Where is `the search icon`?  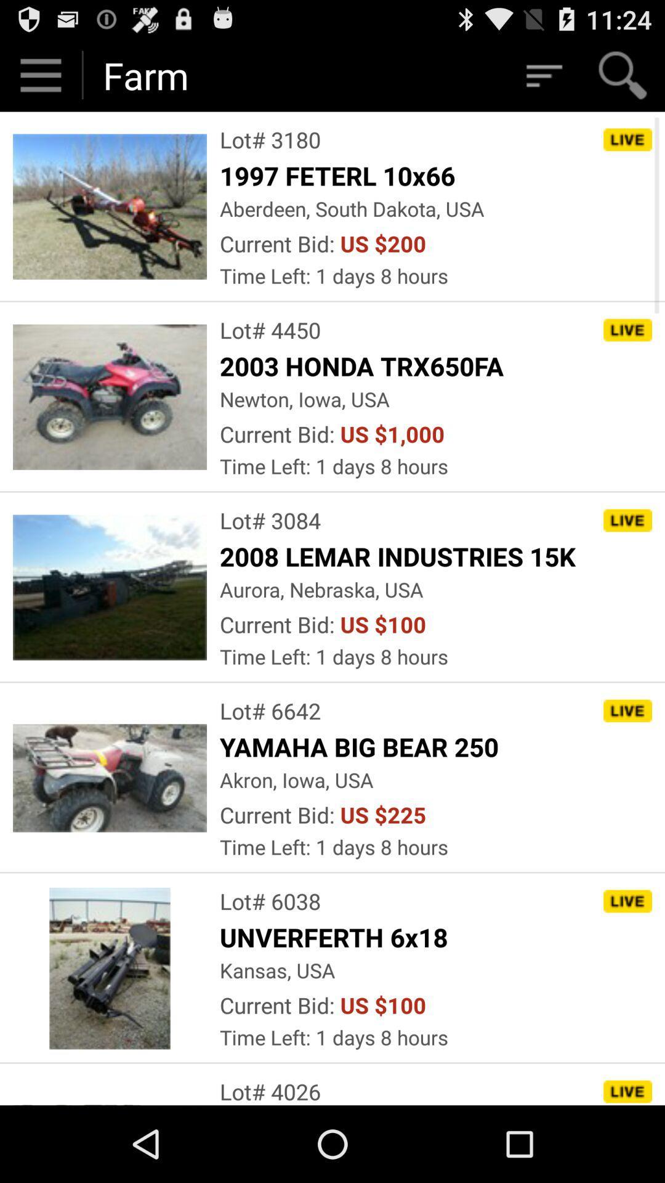 the search icon is located at coordinates (622, 79).